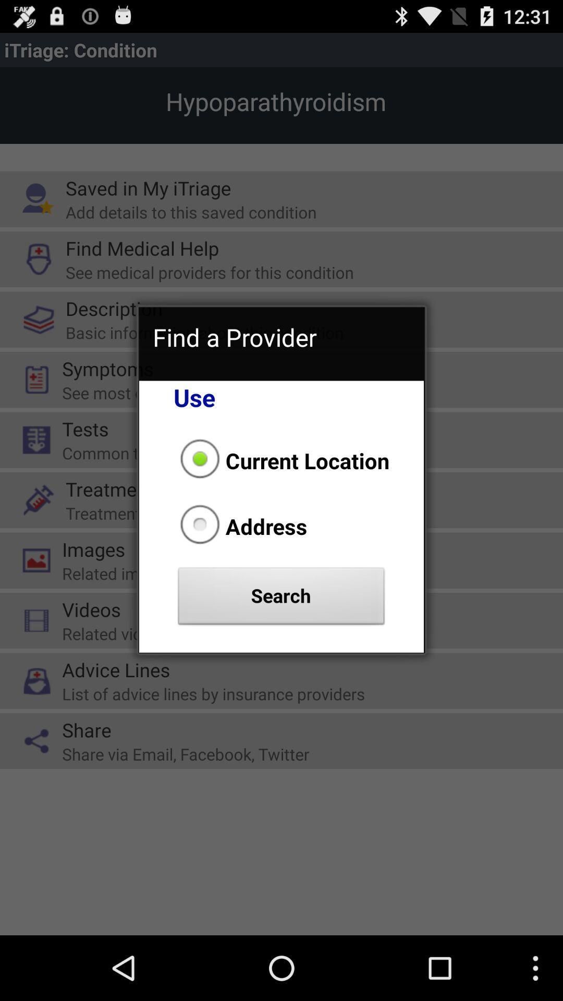  I want to click on the current location radio button, so click(281, 460).